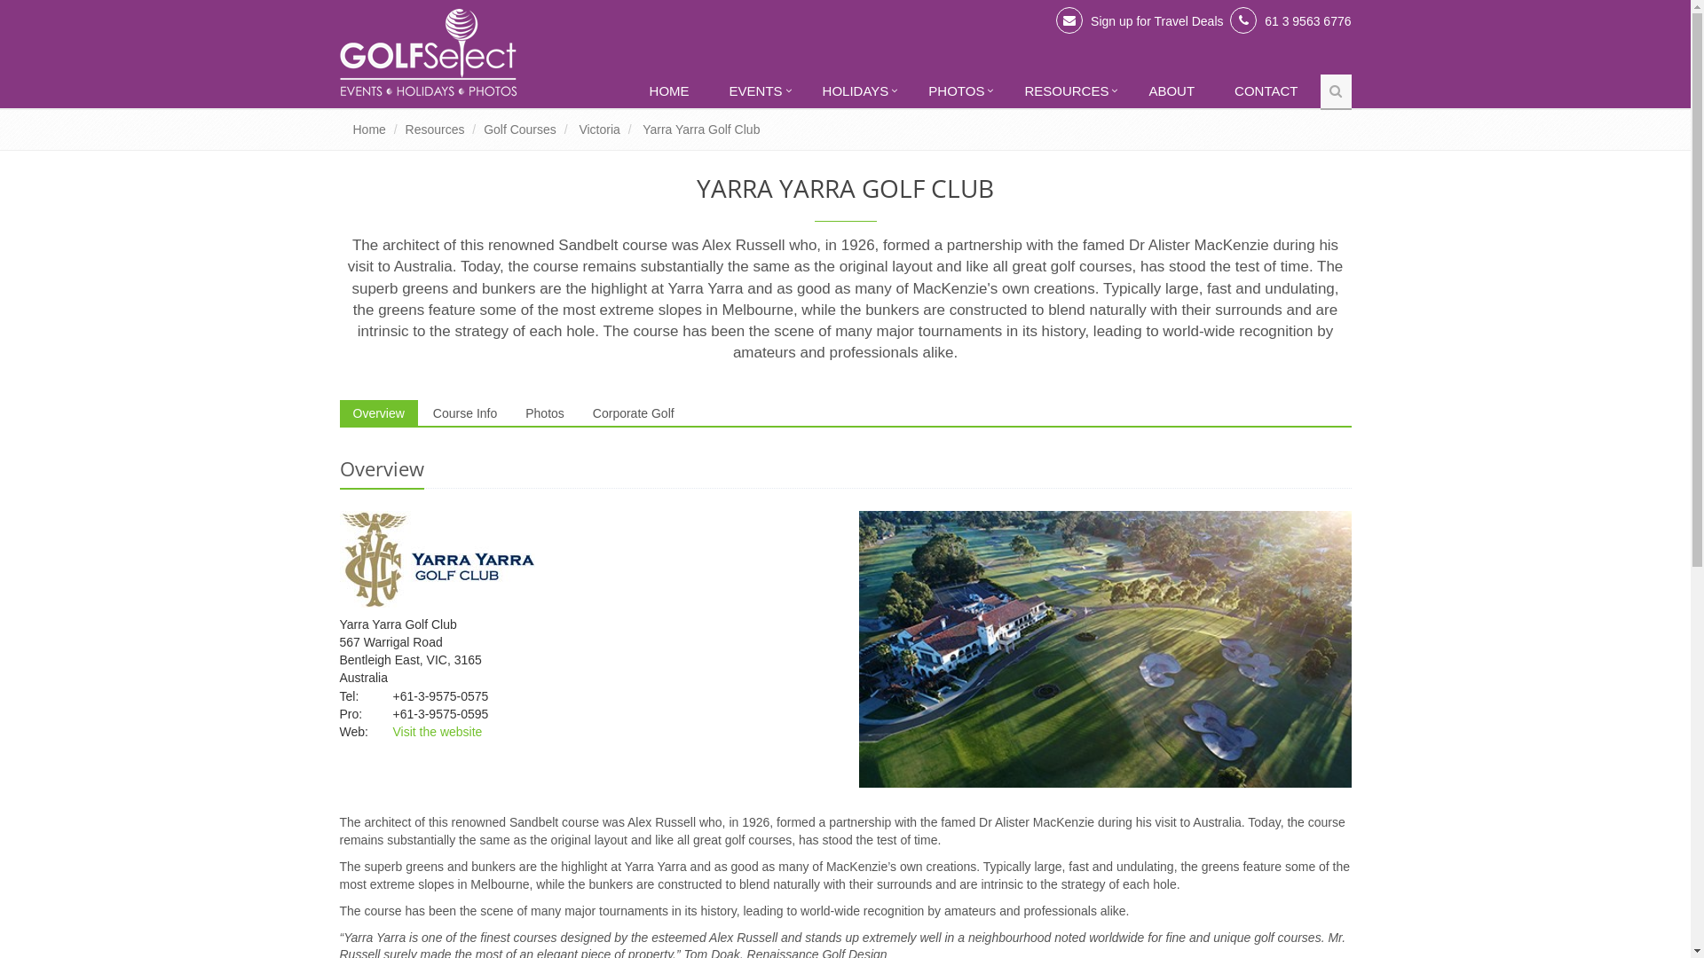 The height and width of the screenshot is (958, 1704). What do you see at coordinates (437, 732) in the screenshot?
I see `'Visit the website'` at bounding box center [437, 732].